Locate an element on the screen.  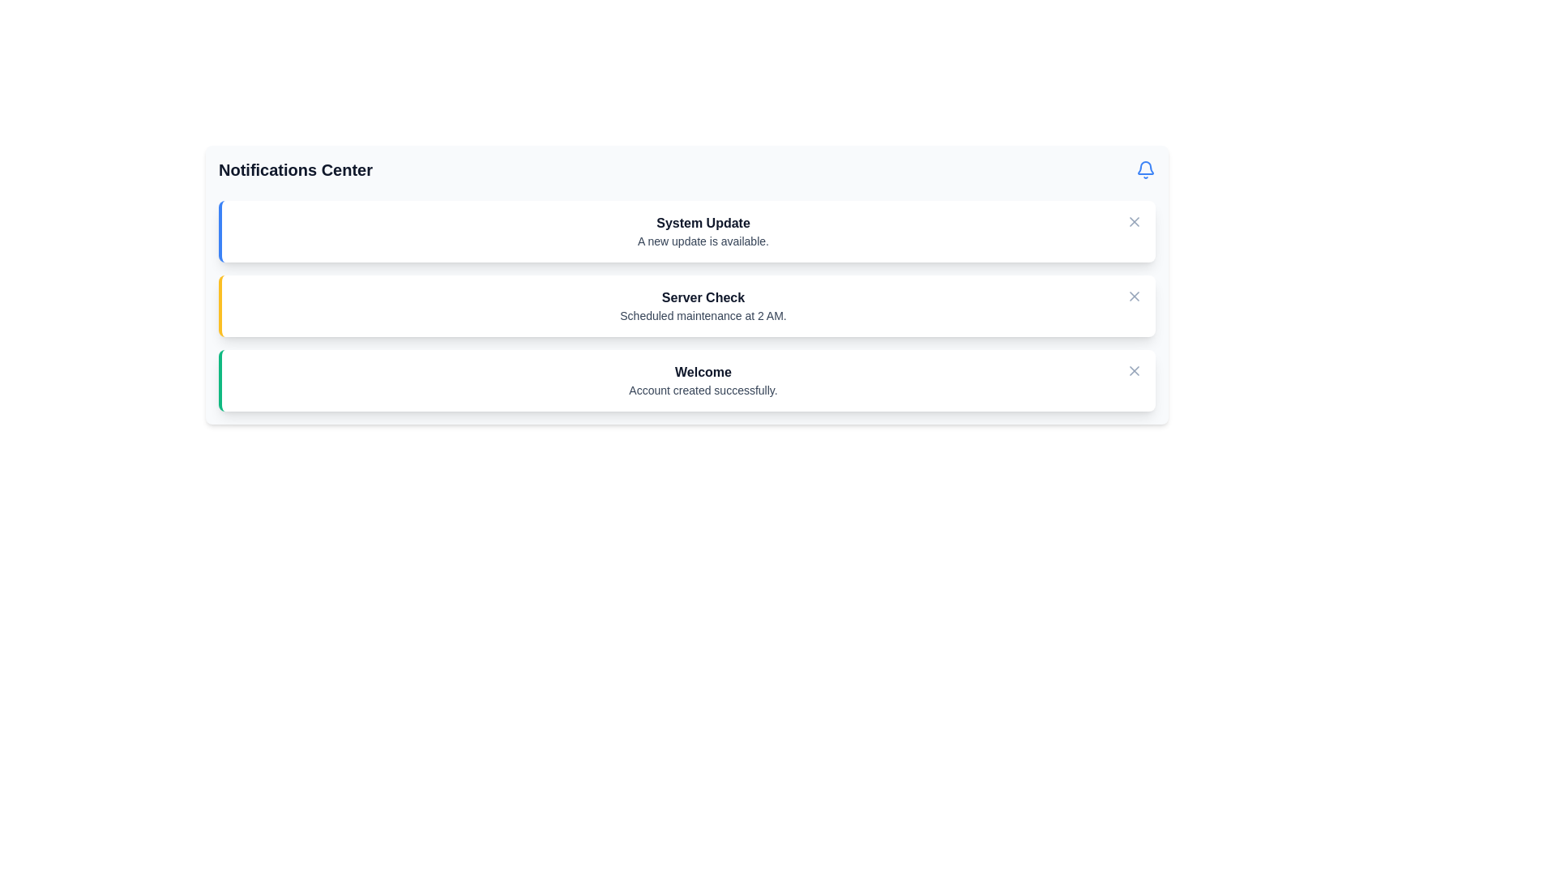
the 'X' icon button located at the far right of the bottom notification entry labeled 'Welcome' is located at coordinates (1134, 371).